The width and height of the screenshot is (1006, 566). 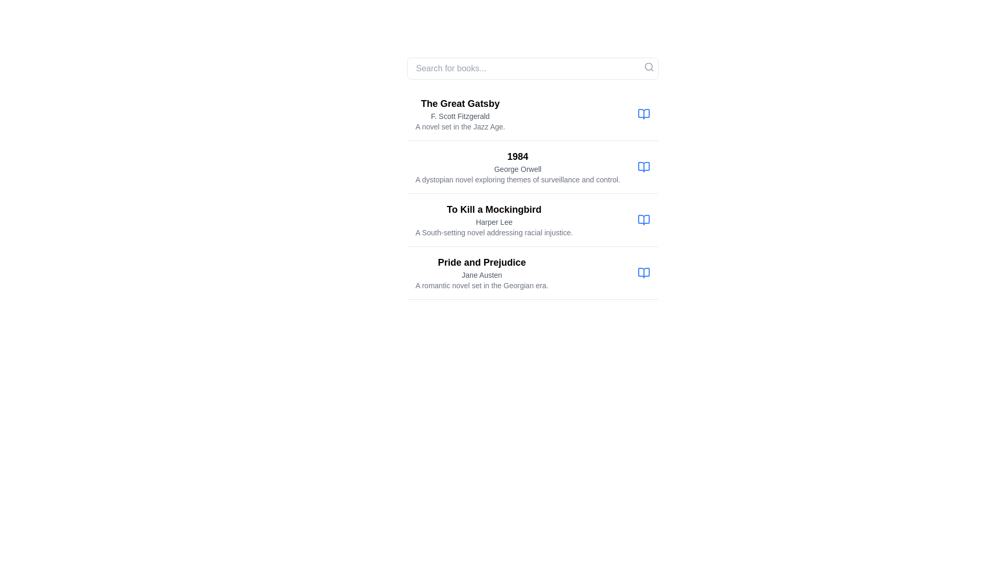 What do you see at coordinates (460, 126) in the screenshot?
I see `the text label that reads 'A novel set in the Jazz Age.', positioned below the title 'The Great Gatsby' and the author's name 'F. Scott Fitzgerald'` at bounding box center [460, 126].